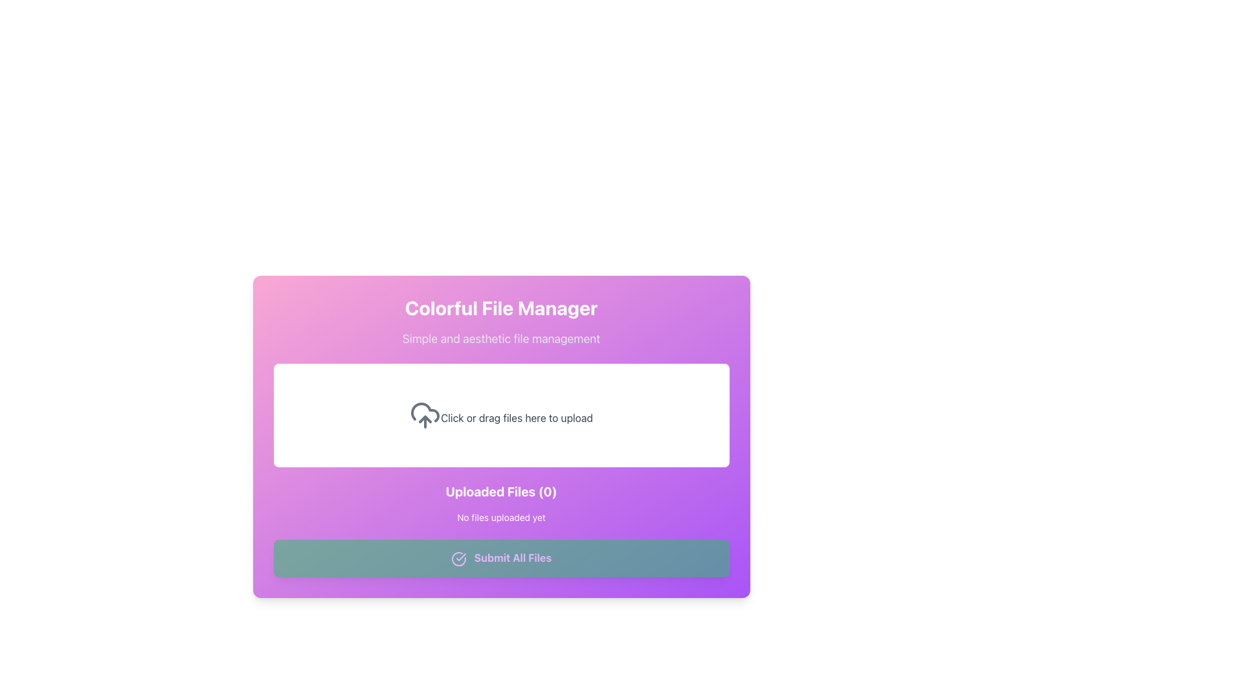 The height and width of the screenshot is (699, 1243). Describe the element at coordinates (500, 415) in the screenshot. I see `the Dropzone element, which is a rectangular area with a white background, dashed border, and a cloud with an upward arrow icon, to upload files` at that location.